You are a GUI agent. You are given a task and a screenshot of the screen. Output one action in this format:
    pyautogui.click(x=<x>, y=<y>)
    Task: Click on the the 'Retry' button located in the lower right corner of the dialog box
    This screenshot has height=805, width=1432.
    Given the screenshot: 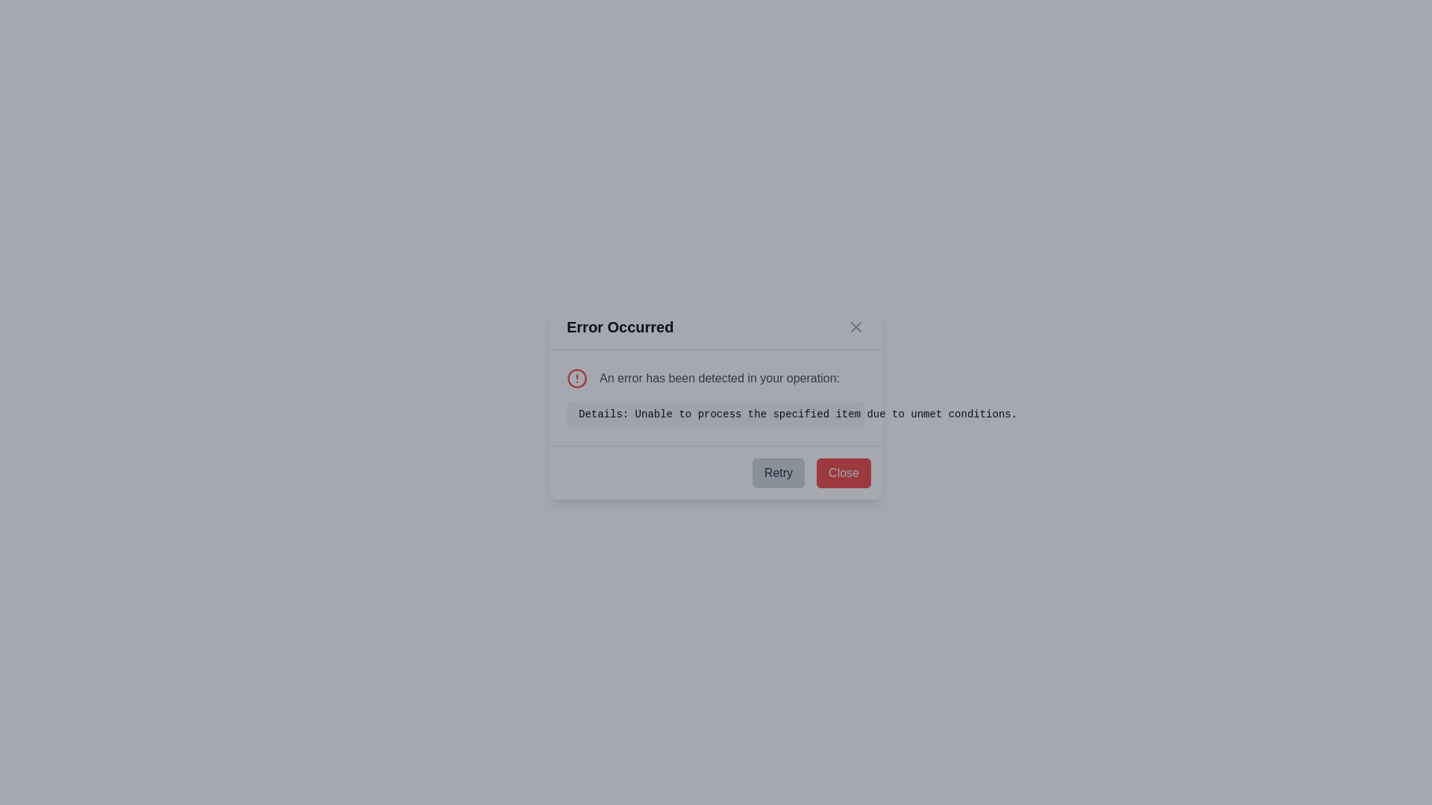 What is the action you would take?
    pyautogui.click(x=777, y=473)
    